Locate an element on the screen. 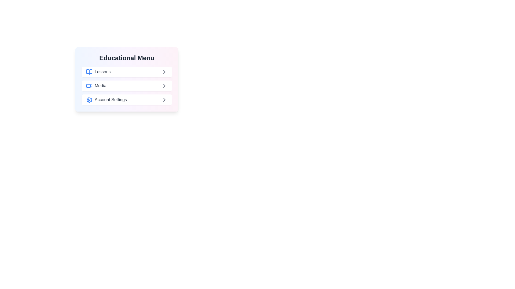 The width and height of the screenshot is (515, 289). the right-facing chevron icon located to the right of the 'Media' text label in the Educational Menu interface is located at coordinates (164, 85).